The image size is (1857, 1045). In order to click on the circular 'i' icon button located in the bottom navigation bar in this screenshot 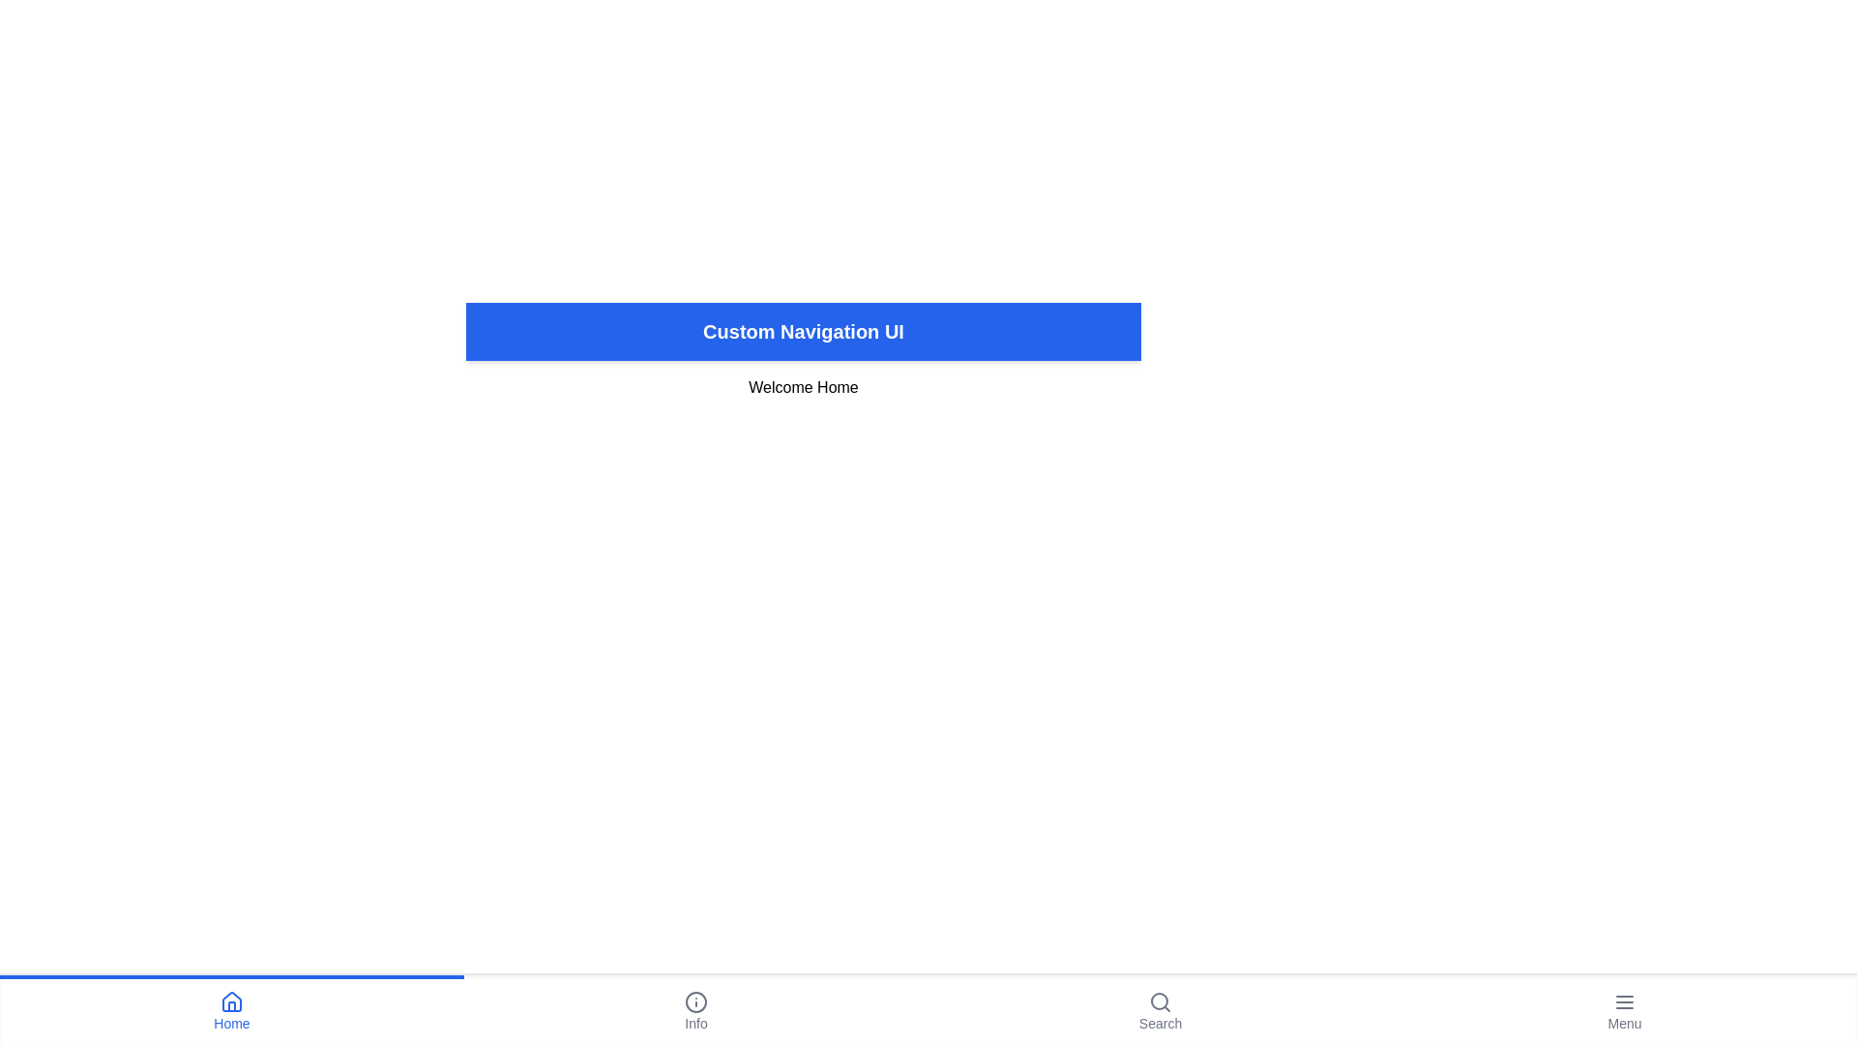, I will do `click(696, 1001)`.